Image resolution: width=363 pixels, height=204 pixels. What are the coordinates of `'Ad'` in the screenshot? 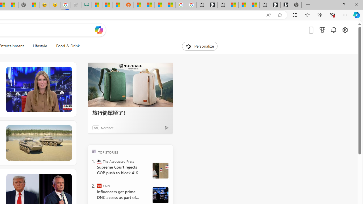 It's located at (96, 127).